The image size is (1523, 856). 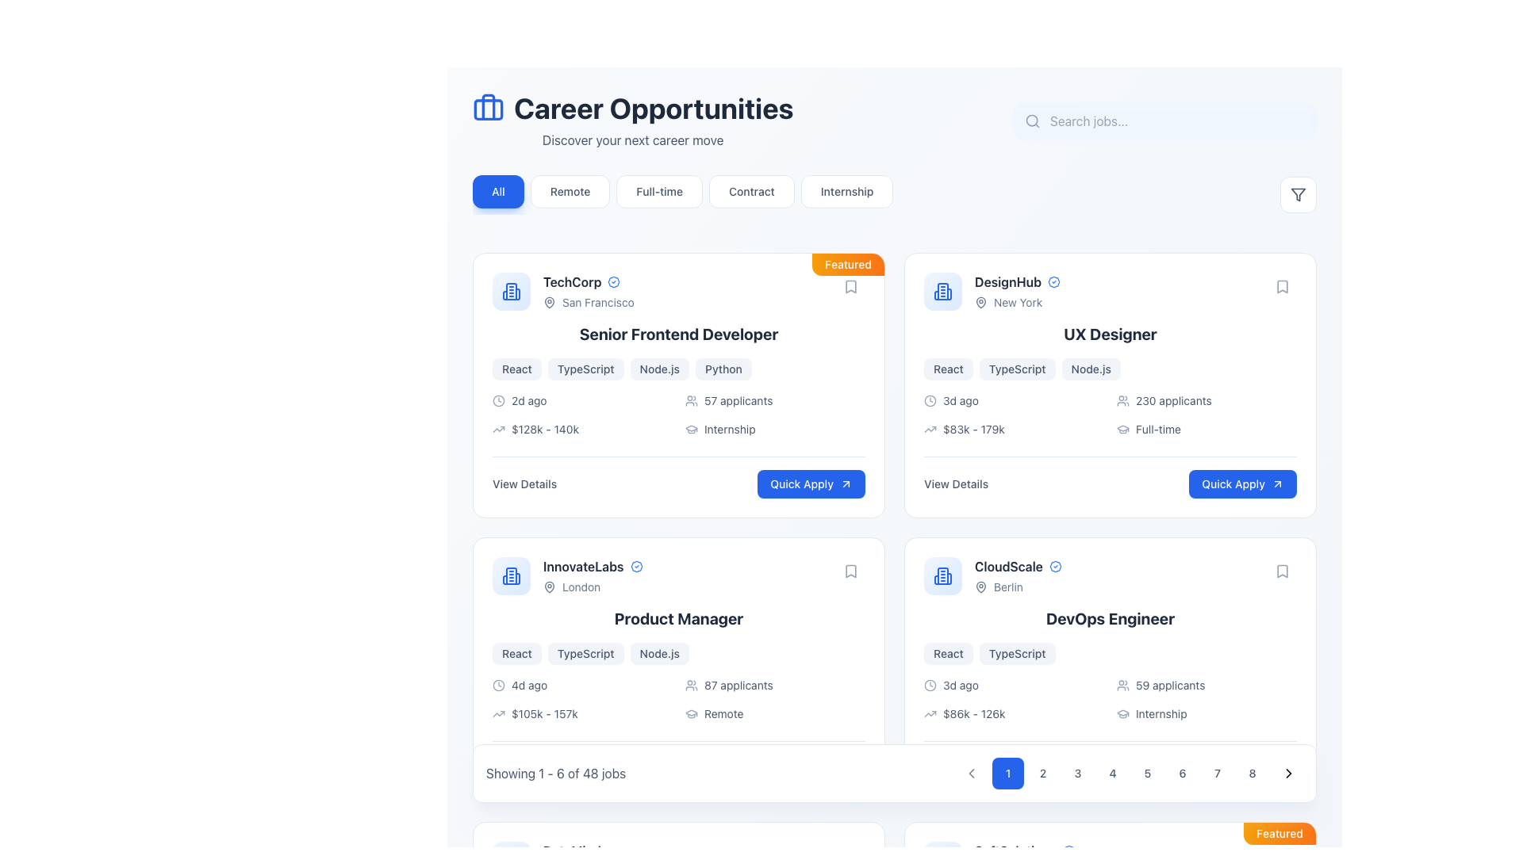 What do you see at coordinates (943, 575) in the screenshot?
I see `the blue building icon located in the bottom-right section of the interface within the 'CloudScale' job posting card for a 'DevOps Engineer' in Berlin` at bounding box center [943, 575].